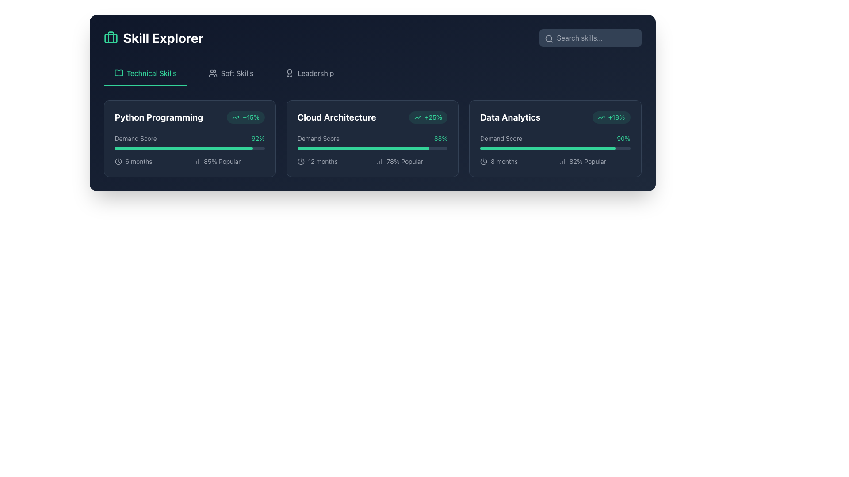  What do you see at coordinates (510, 117) in the screenshot?
I see `the title label located in the top section of the third card from the left, which summarizes the content or category of the card` at bounding box center [510, 117].